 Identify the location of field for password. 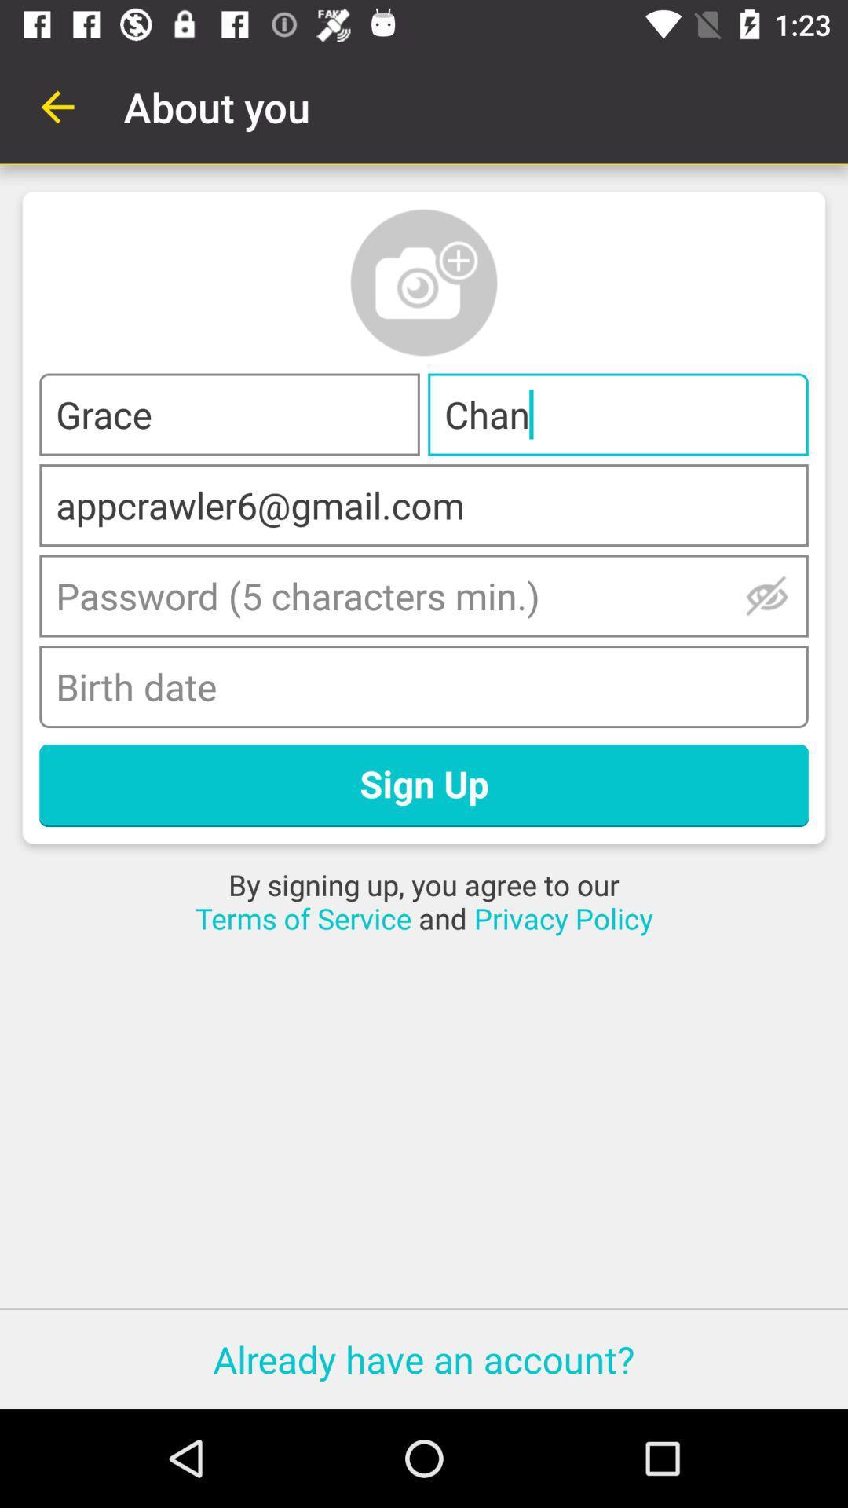
(424, 595).